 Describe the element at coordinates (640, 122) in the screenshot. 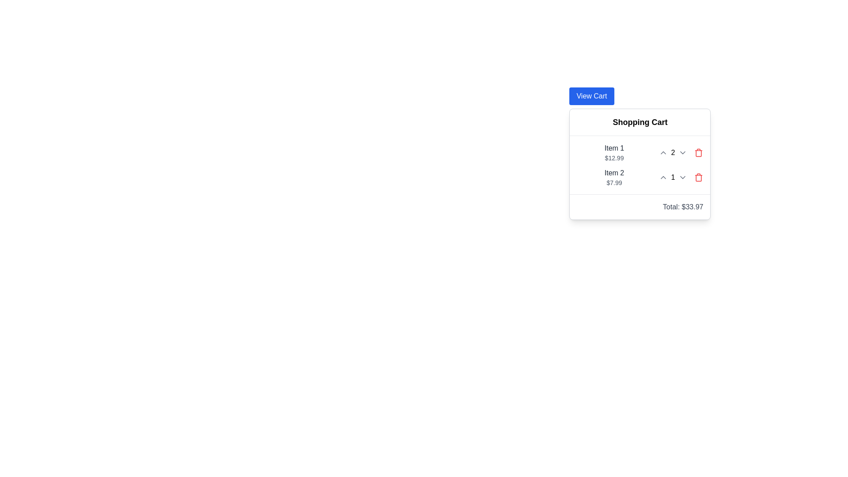

I see `the 'Shopping Cart' text label located below the 'View Cart' button in the shopping cart dropdown menu` at that location.